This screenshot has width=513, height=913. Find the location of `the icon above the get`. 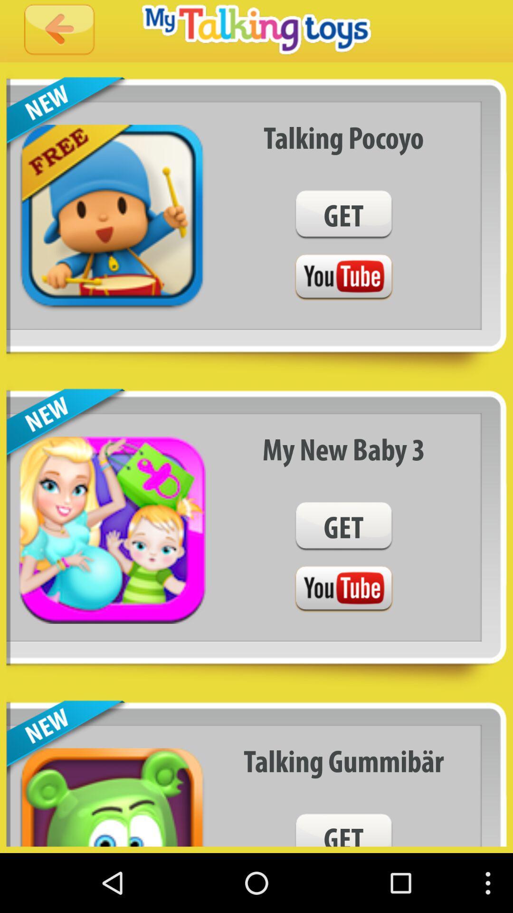

the icon above the get is located at coordinates (343, 448).